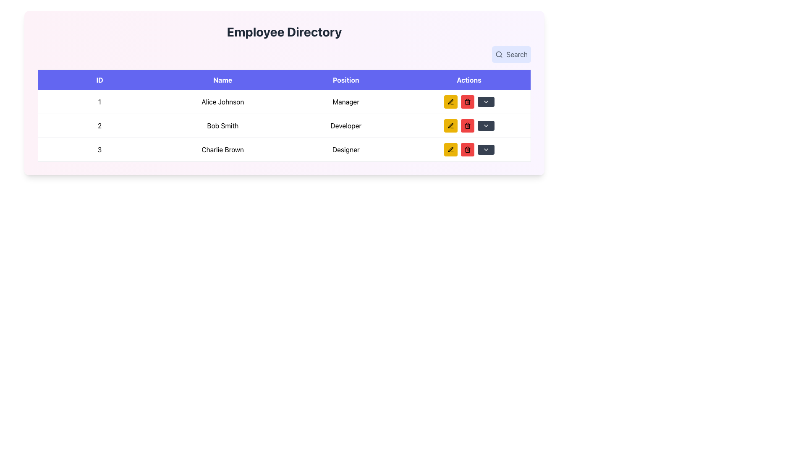  What do you see at coordinates (511, 55) in the screenshot?
I see `the 'Search' button located in the top-right corner of the interface, which has a light indigo background and contains a magnifying glass icon followed by the text 'Search'` at bounding box center [511, 55].